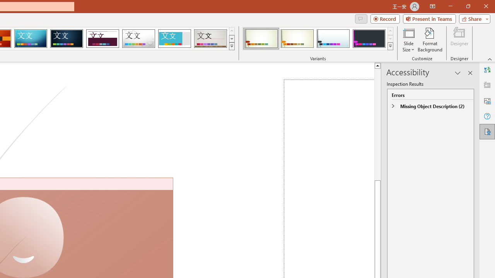 The width and height of the screenshot is (495, 278). What do you see at coordinates (67, 39) in the screenshot?
I see `'Damask'` at bounding box center [67, 39].